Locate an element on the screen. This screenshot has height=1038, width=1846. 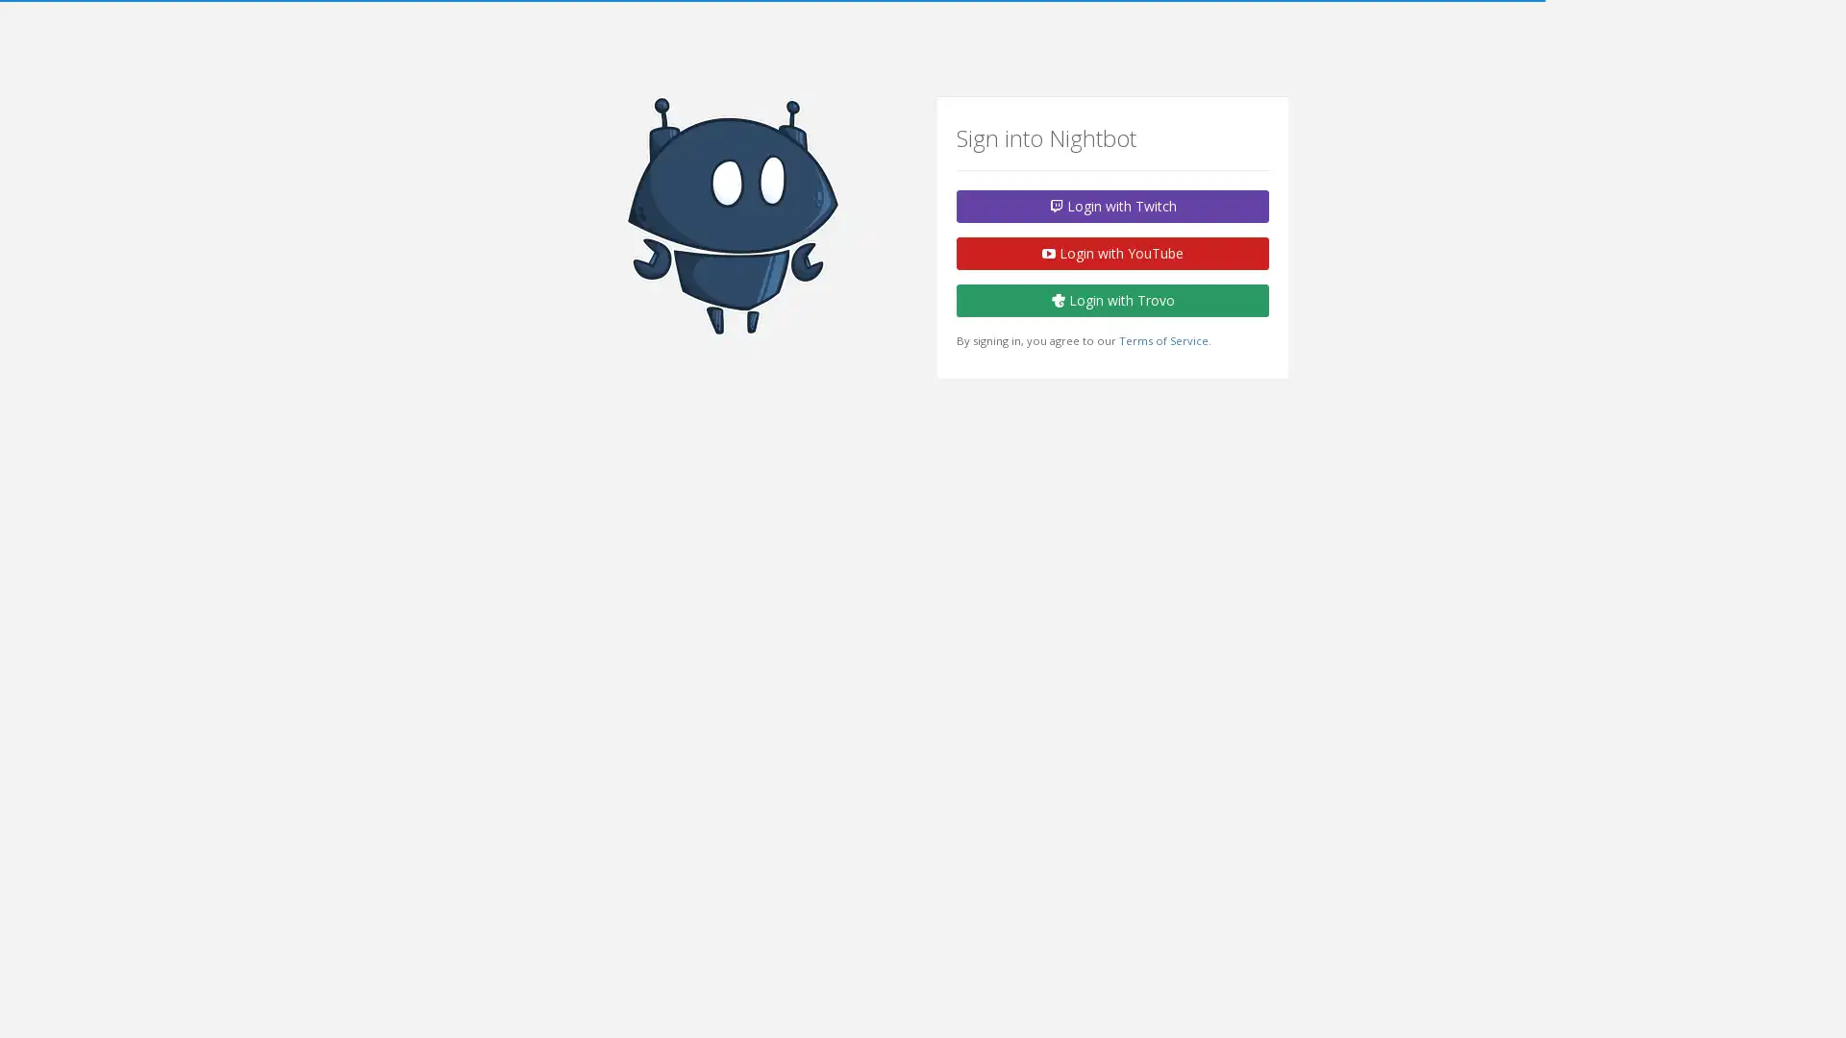
Login with YouTube is located at coordinates (1112, 252).